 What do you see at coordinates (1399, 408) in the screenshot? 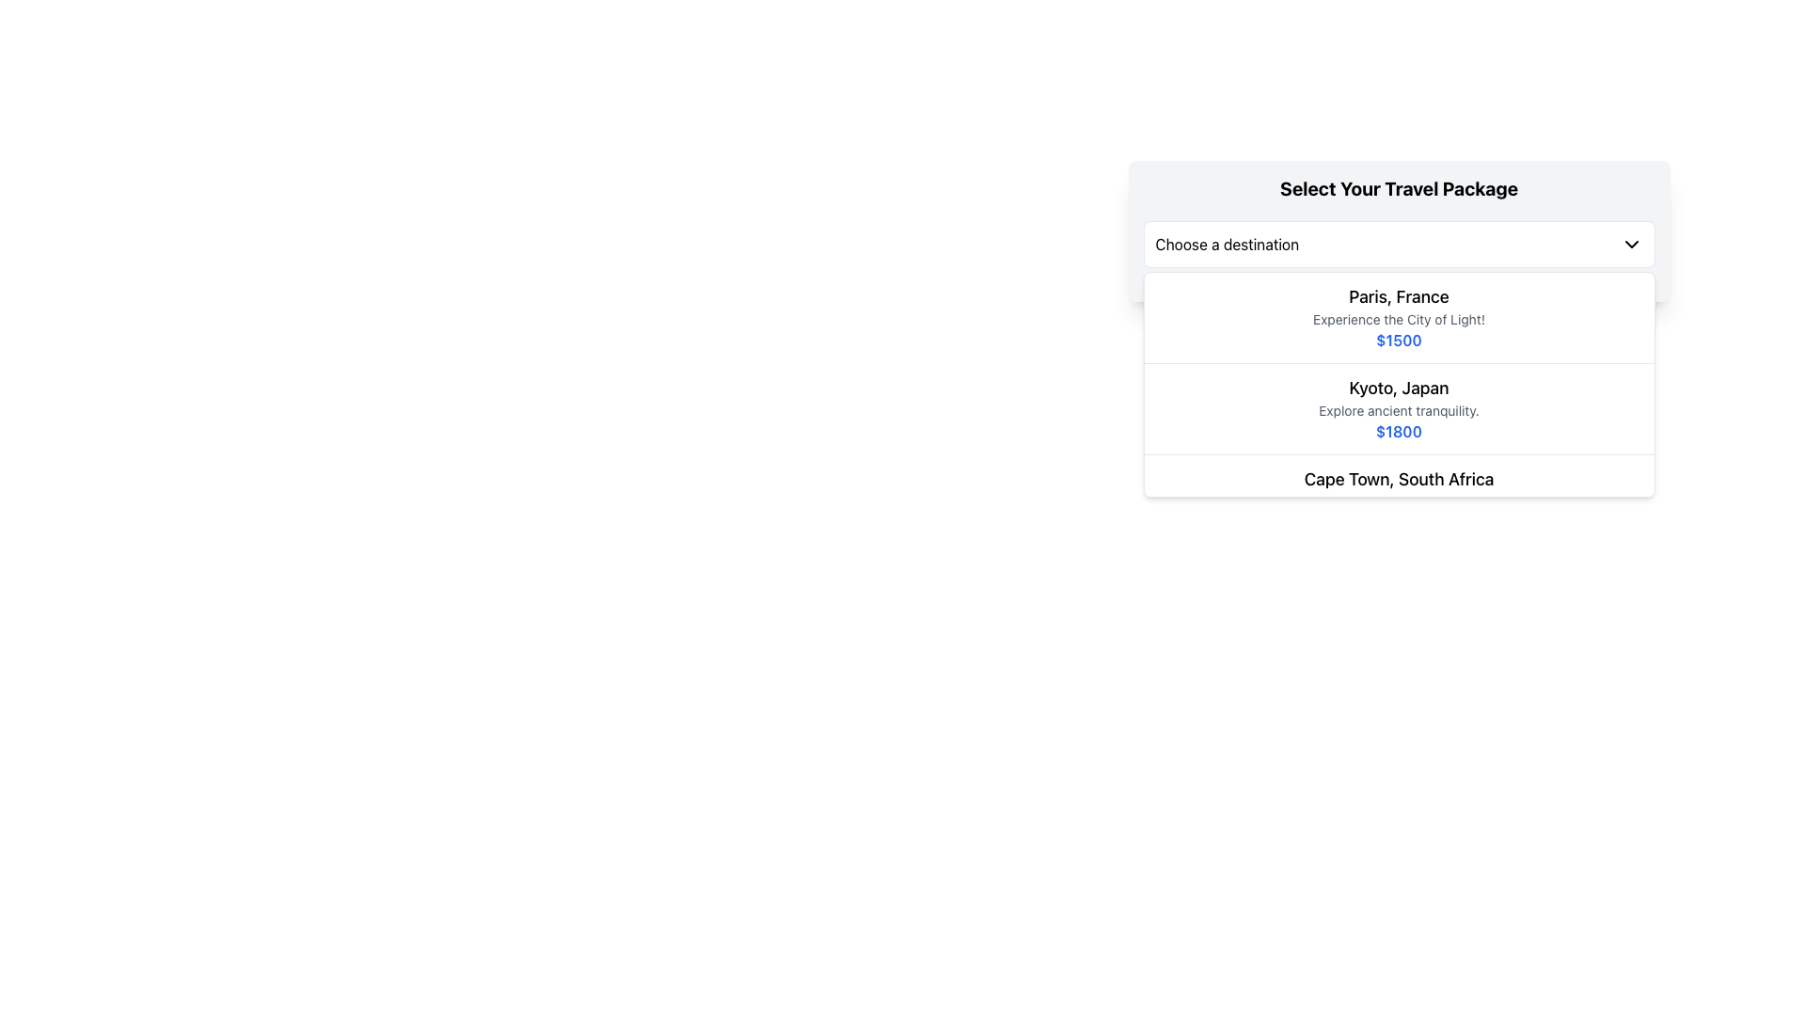
I see `on the travel option for 'Kyoto, Japan' which has the description 'Explore ancient tranquility.' and price '$1800.'` at bounding box center [1399, 408].